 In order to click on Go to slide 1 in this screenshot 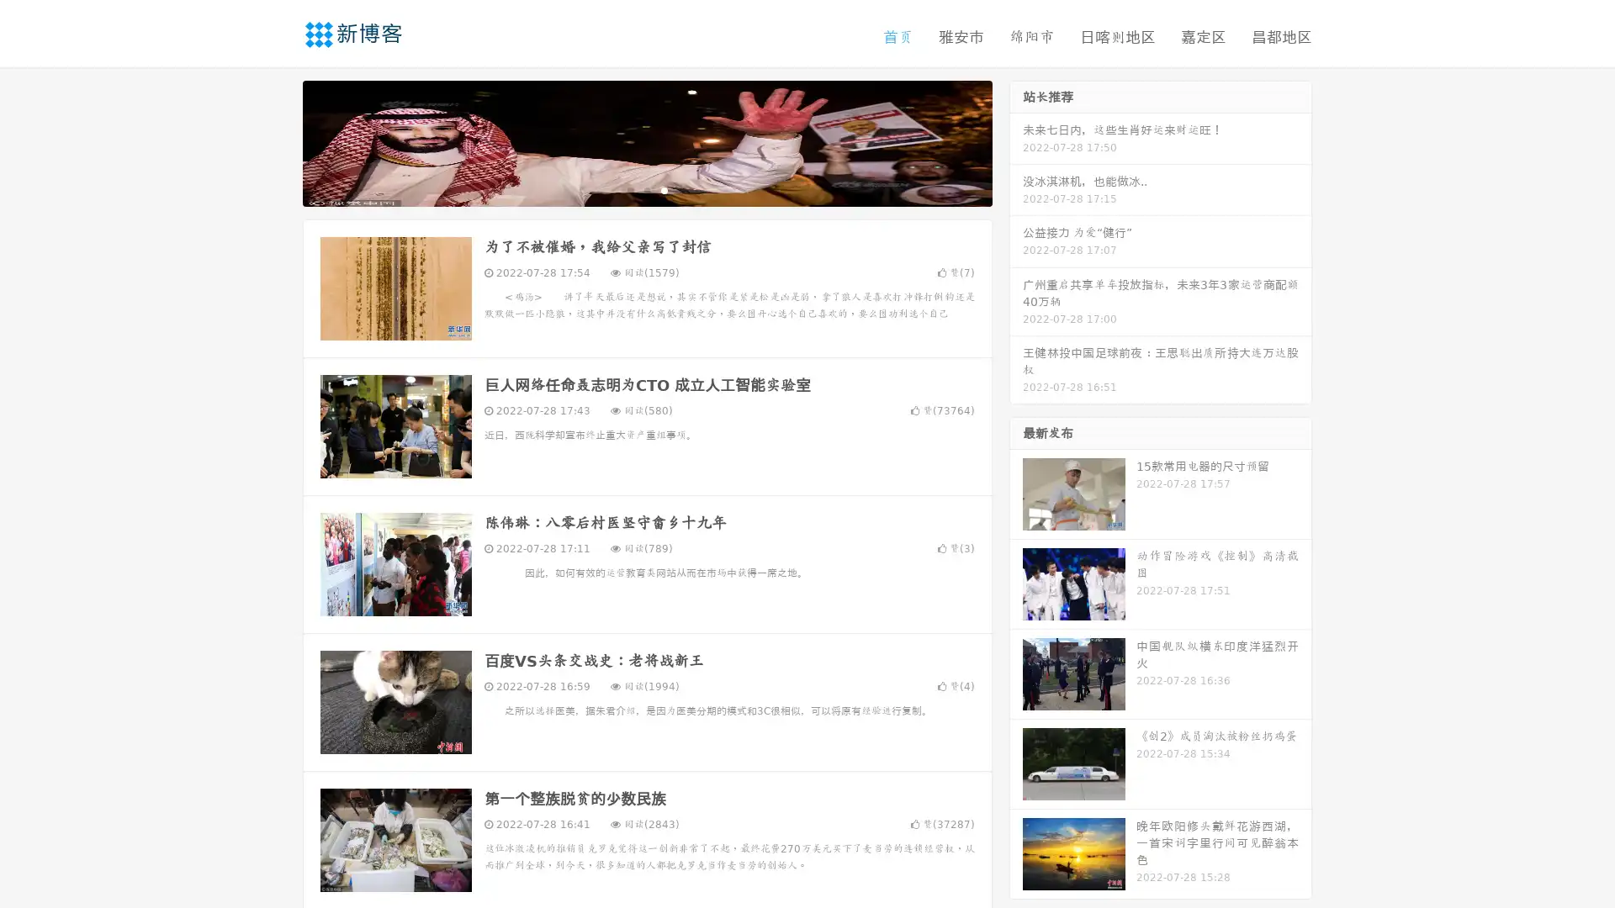, I will do `click(629, 189)`.